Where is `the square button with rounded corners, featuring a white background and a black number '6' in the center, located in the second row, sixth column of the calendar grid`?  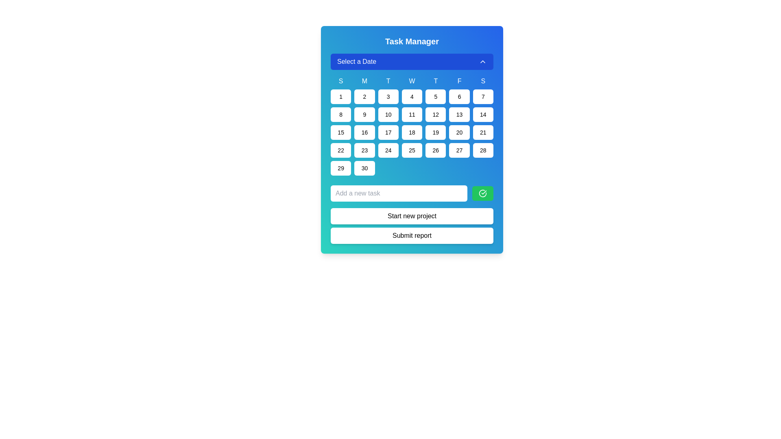
the square button with rounded corners, featuring a white background and a black number '6' in the center, located in the second row, sixth column of the calendar grid is located at coordinates (459, 96).